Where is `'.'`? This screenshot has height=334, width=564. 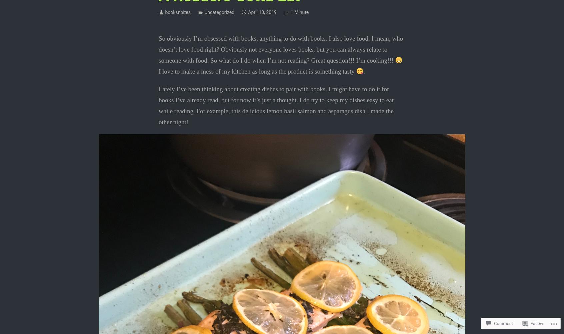
'.' is located at coordinates (364, 71).